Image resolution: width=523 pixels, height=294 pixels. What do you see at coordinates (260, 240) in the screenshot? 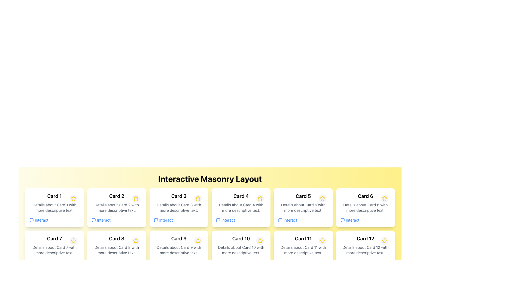
I see `the interactive star button located in the top-right corner of 'Card 10', which toggles its rating status` at bounding box center [260, 240].